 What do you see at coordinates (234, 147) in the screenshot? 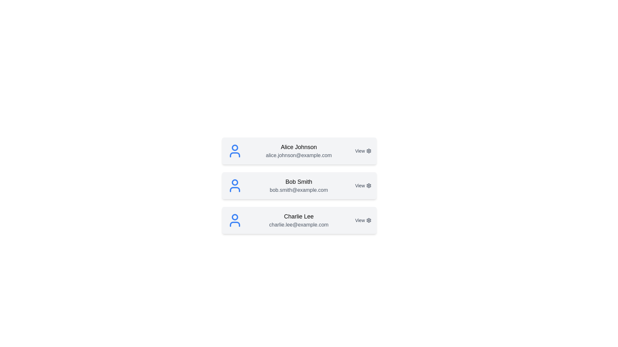
I see `the decorative graphical element, which is a blue circular shape located at the upper left of the first row, superimposed on the user's icon` at bounding box center [234, 147].